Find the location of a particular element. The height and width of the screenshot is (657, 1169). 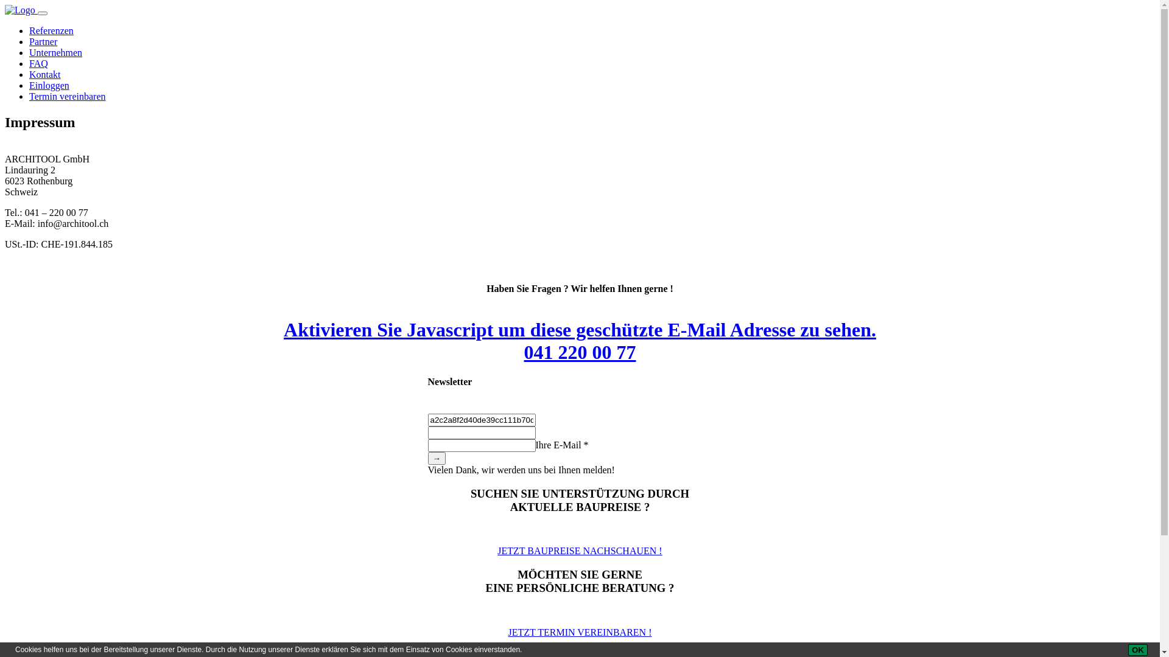

'Referenzen' is located at coordinates (51, 30).